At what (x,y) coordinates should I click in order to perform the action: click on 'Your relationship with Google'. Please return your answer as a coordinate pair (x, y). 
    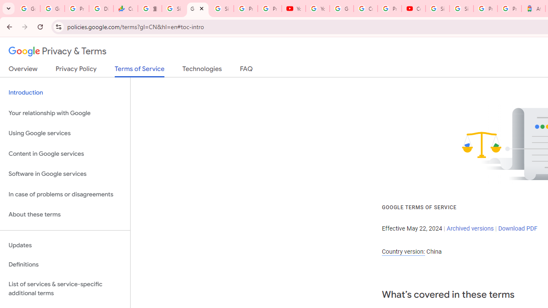
    Looking at the image, I should click on (65, 113).